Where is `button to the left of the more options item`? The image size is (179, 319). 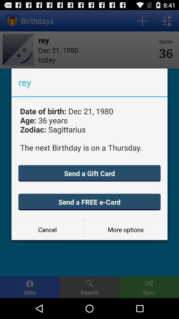 button to the left of the more options item is located at coordinates (47, 230).